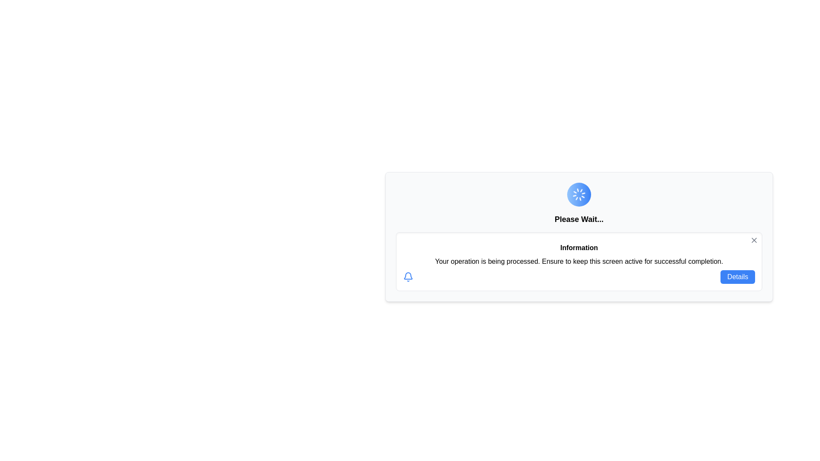  I want to click on the Loader or Spinner Icon, which indicates a loading or processing action, centrally placed within a dialog box, so click(579, 194).